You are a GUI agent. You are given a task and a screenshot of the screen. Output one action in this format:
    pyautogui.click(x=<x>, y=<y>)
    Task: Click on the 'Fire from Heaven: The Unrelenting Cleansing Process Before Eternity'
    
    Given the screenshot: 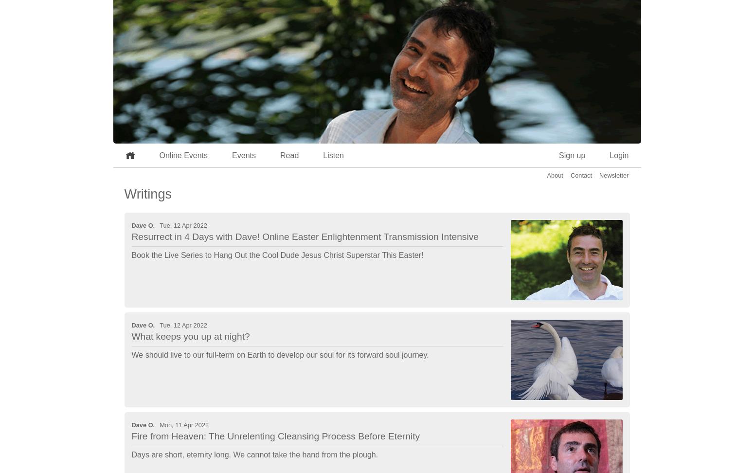 What is the action you would take?
    pyautogui.click(x=275, y=436)
    